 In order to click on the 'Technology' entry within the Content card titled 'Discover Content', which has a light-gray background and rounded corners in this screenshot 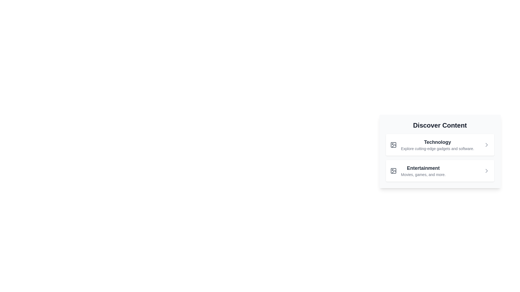, I will do `click(440, 151)`.